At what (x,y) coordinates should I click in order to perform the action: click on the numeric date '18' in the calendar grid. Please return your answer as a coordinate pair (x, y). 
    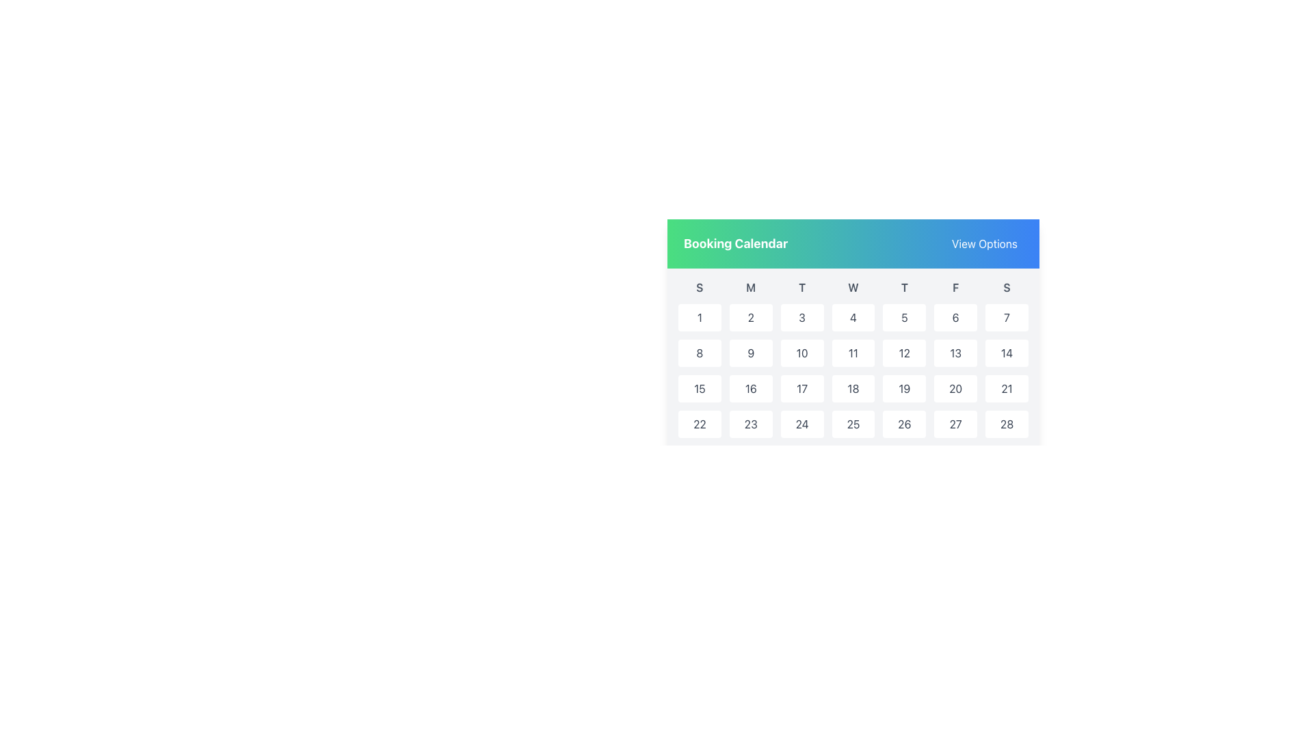
    Looking at the image, I should click on (853, 389).